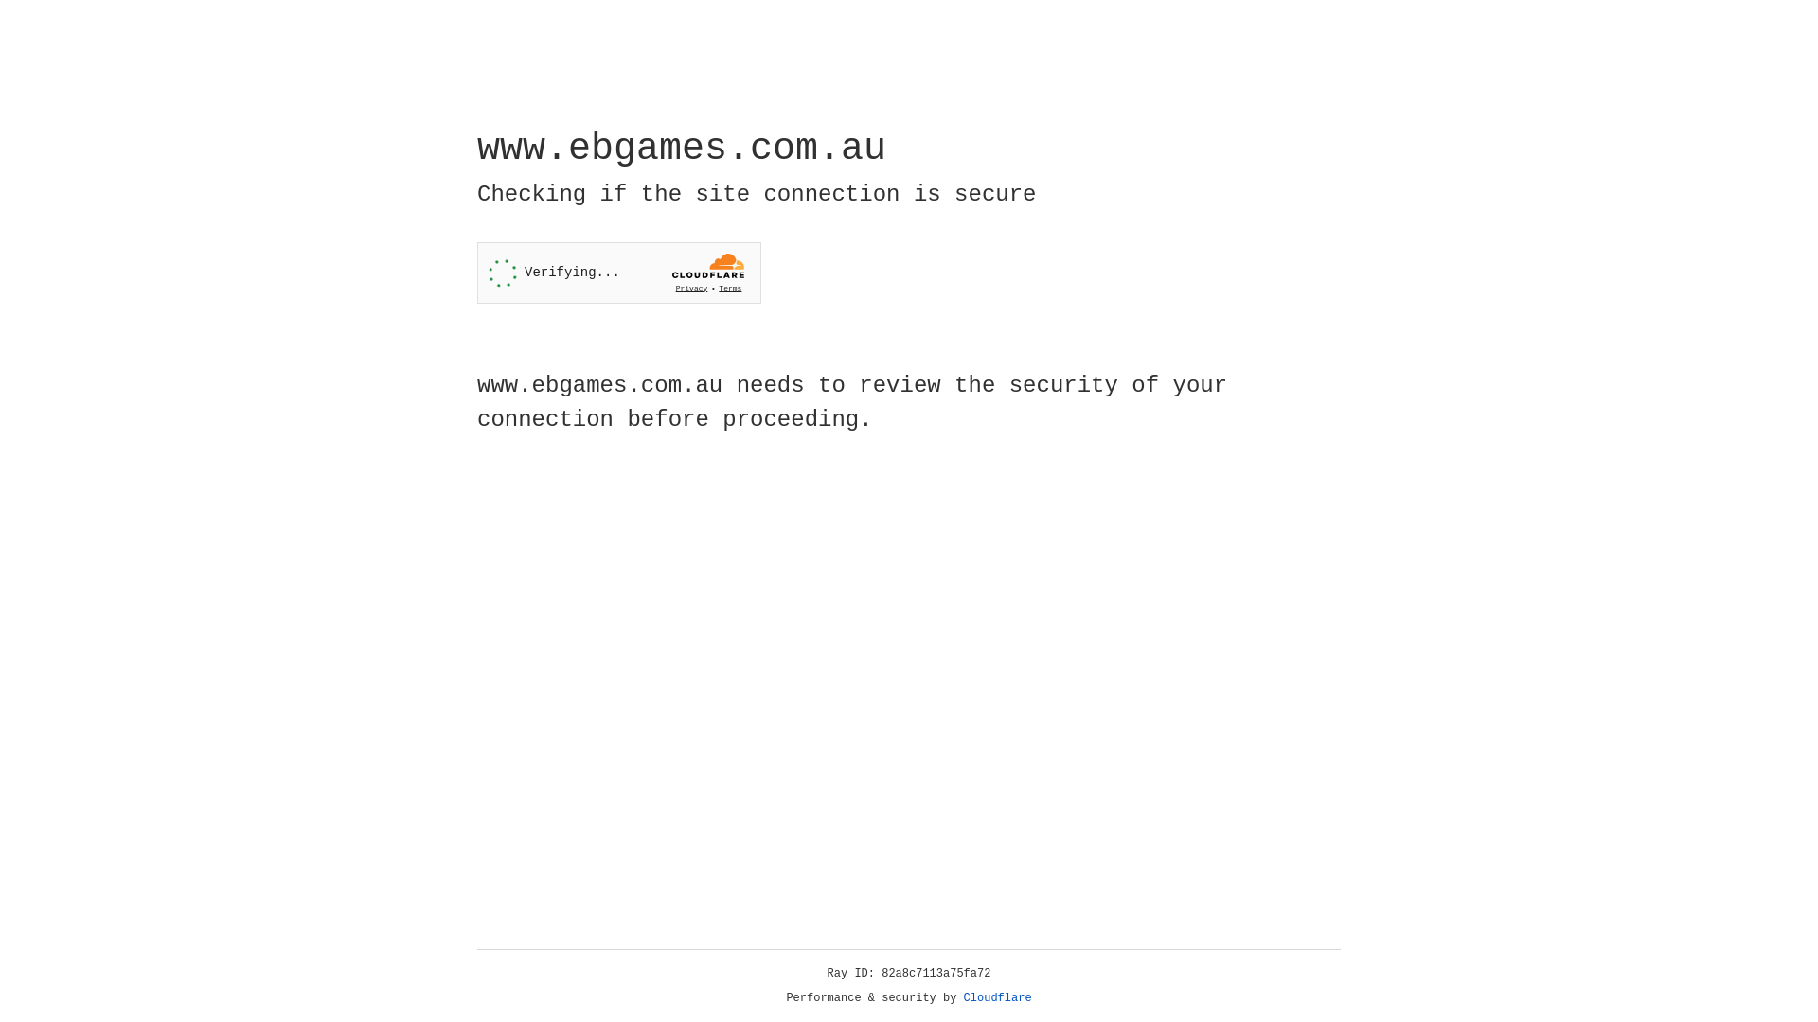 The width and height of the screenshot is (1818, 1022). What do you see at coordinates (618, 273) in the screenshot?
I see `'Widget containing a Cloudflare security challenge'` at bounding box center [618, 273].